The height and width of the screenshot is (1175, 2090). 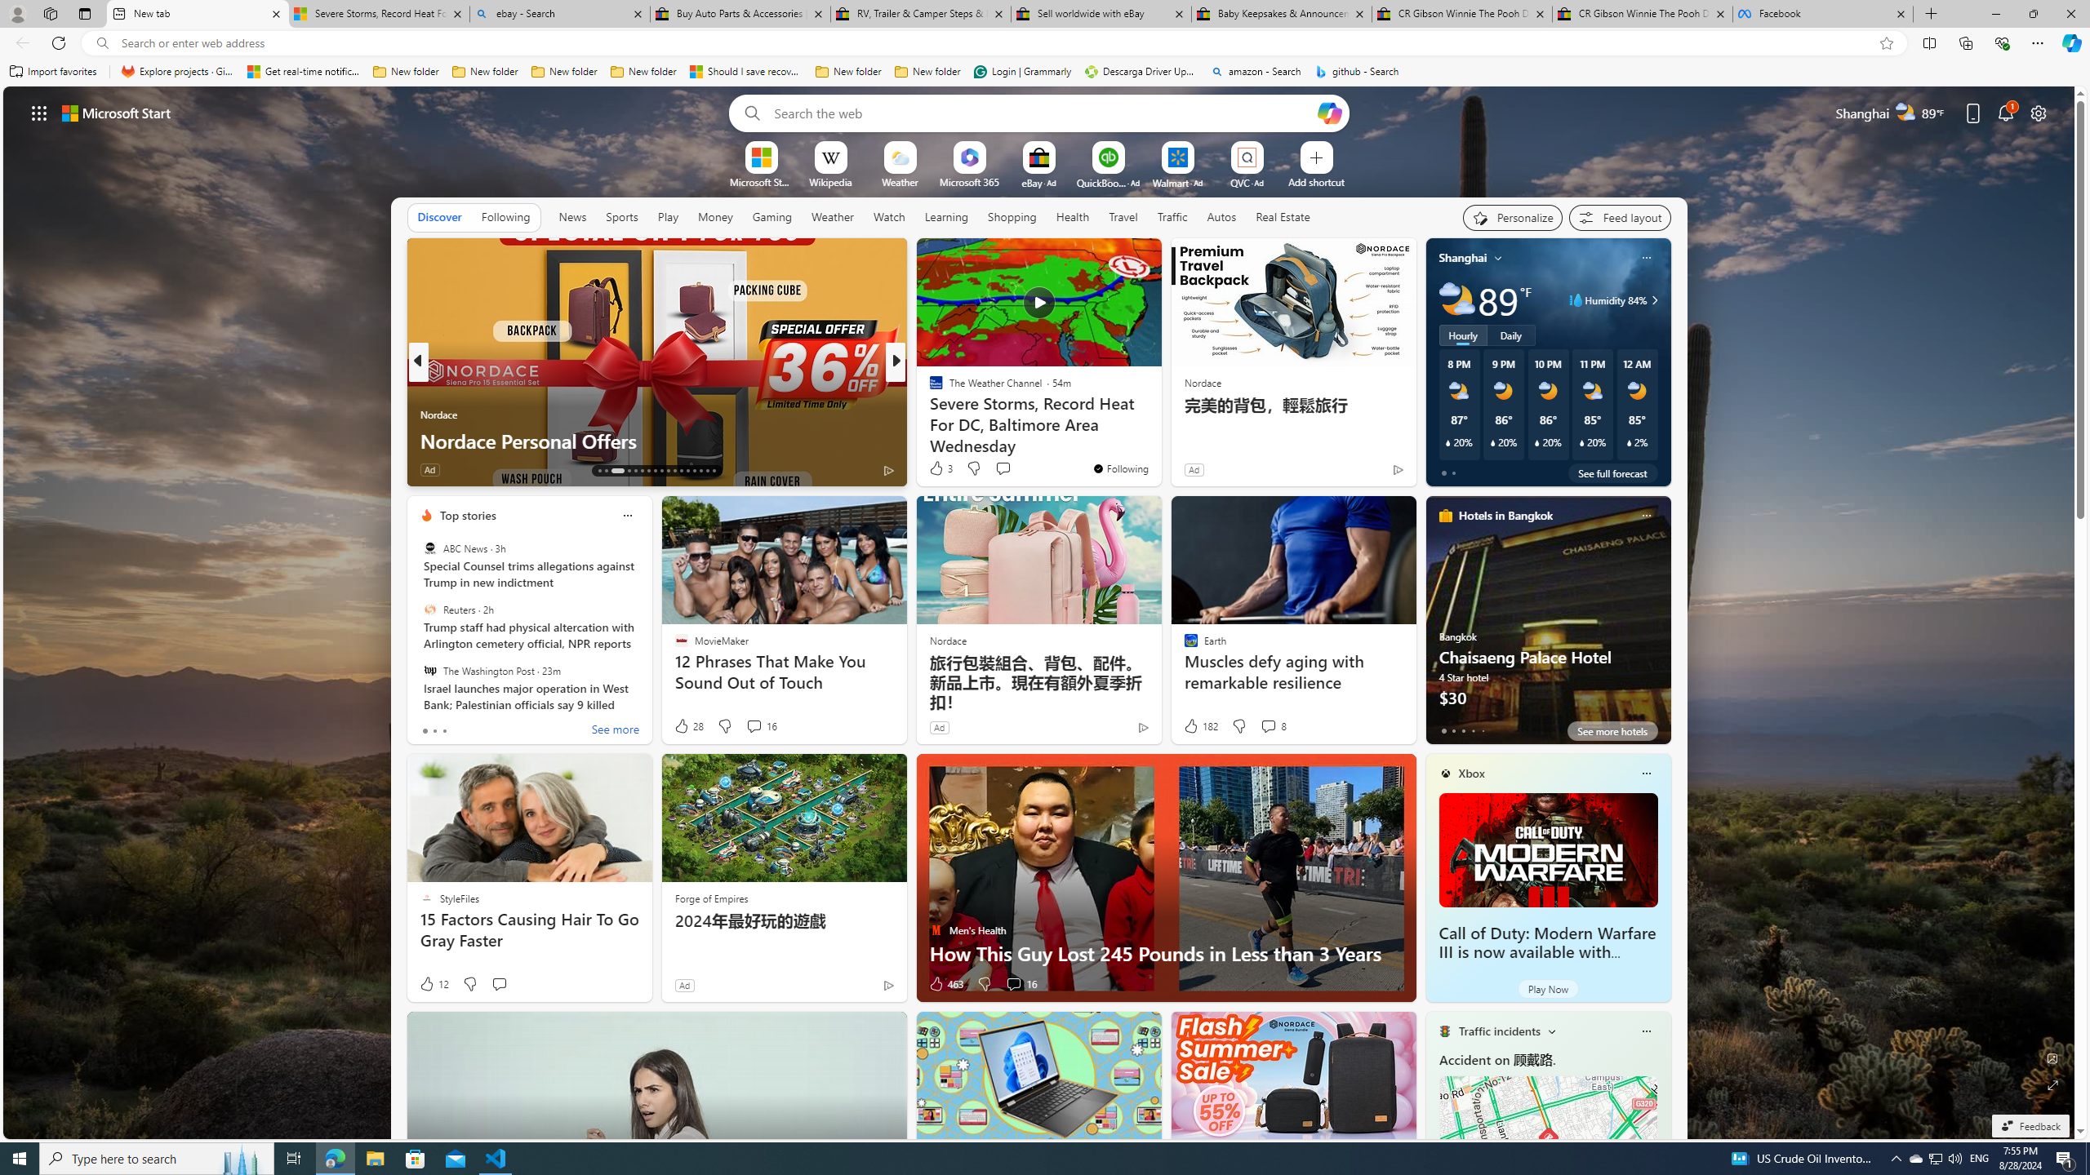 I want to click on 'Las Vegas Strip visitors face outrageous new fee', so click(x=1158, y=441).